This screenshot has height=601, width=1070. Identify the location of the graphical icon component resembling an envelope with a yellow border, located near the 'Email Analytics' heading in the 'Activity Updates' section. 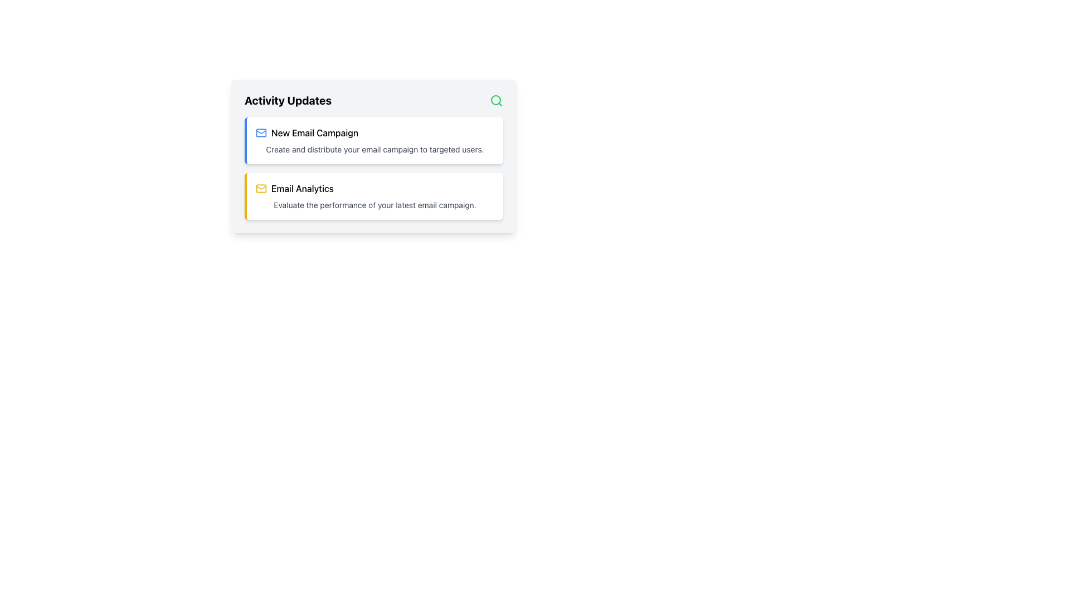
(261, 188).